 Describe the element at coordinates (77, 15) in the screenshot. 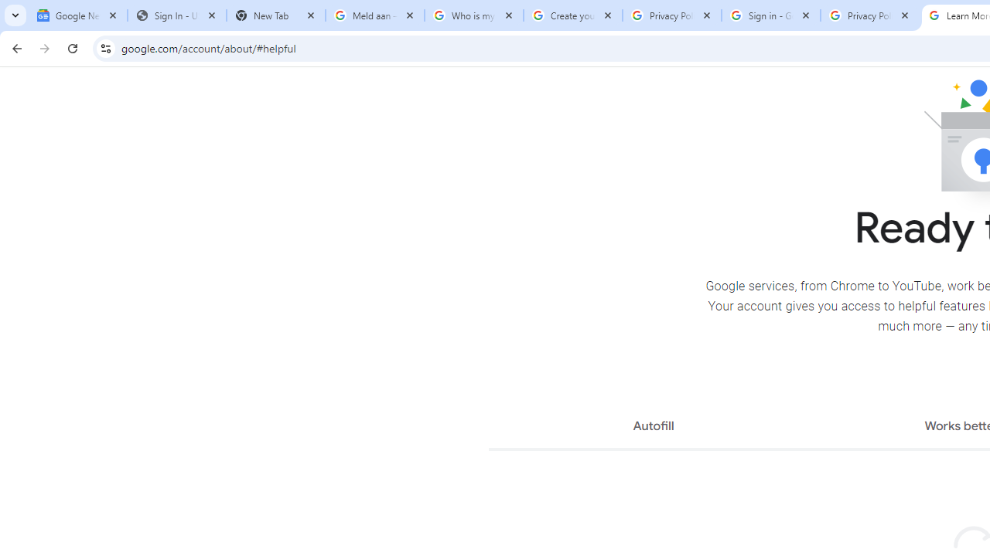

I see `'Google News'` at that location.